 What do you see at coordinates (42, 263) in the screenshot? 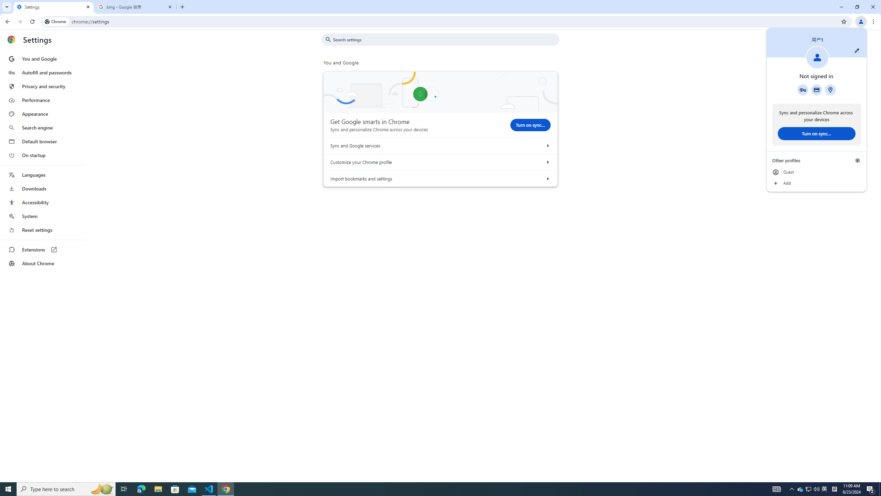
I see `'About Chrome'` at bounding box center [42, 263].